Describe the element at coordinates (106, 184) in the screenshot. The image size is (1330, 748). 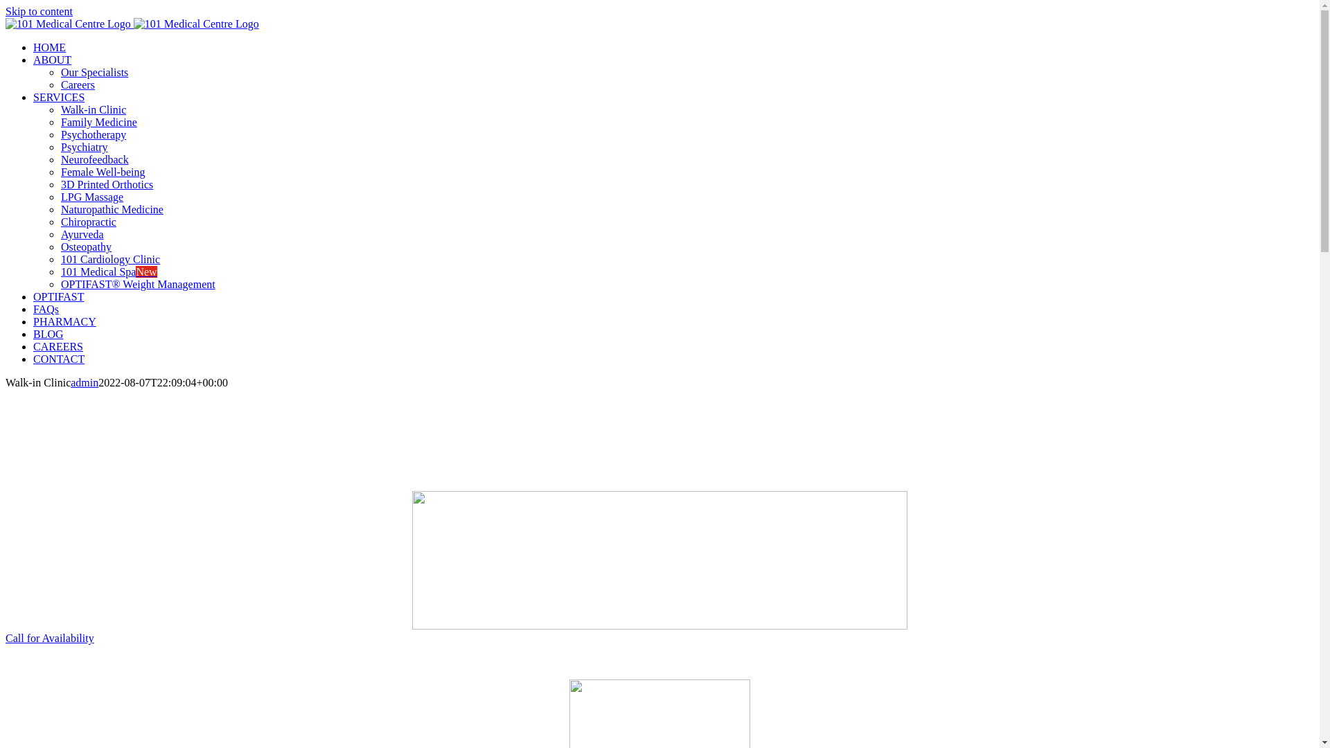
I see `'3D Printed Orthotics'` at that location.